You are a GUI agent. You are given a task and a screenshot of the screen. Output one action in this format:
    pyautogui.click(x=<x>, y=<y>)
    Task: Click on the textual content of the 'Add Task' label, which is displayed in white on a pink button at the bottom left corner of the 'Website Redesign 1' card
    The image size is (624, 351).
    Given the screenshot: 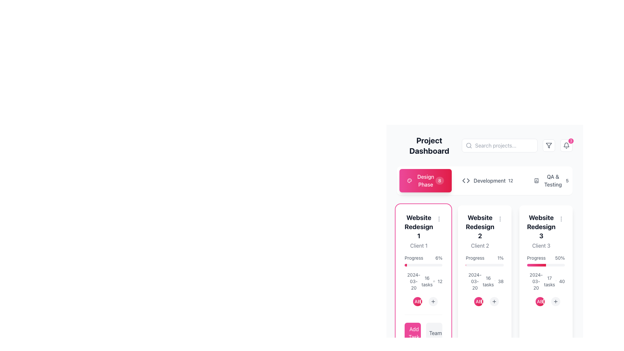 What is the action you would take?
    pyautogui.click(x=414, y=333)
    